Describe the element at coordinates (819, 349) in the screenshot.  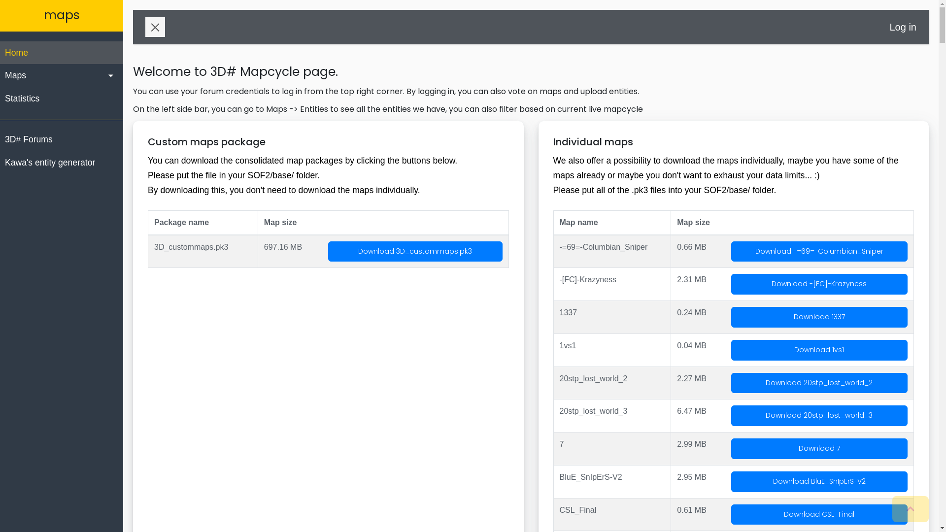
I see `'Download 1vs1'` at that location.